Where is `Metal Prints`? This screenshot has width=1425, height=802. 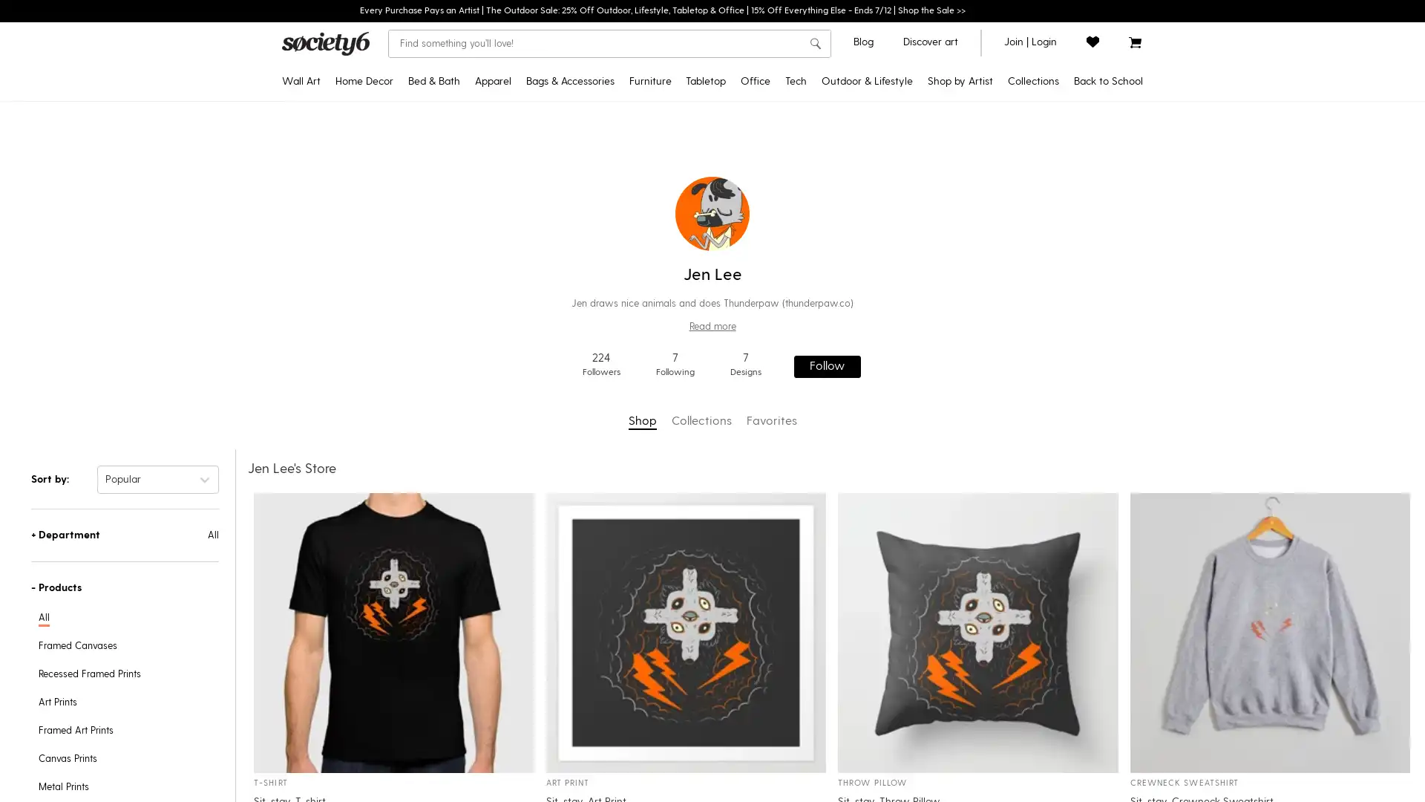 Metal Prints is located at coordinates (349, 309).